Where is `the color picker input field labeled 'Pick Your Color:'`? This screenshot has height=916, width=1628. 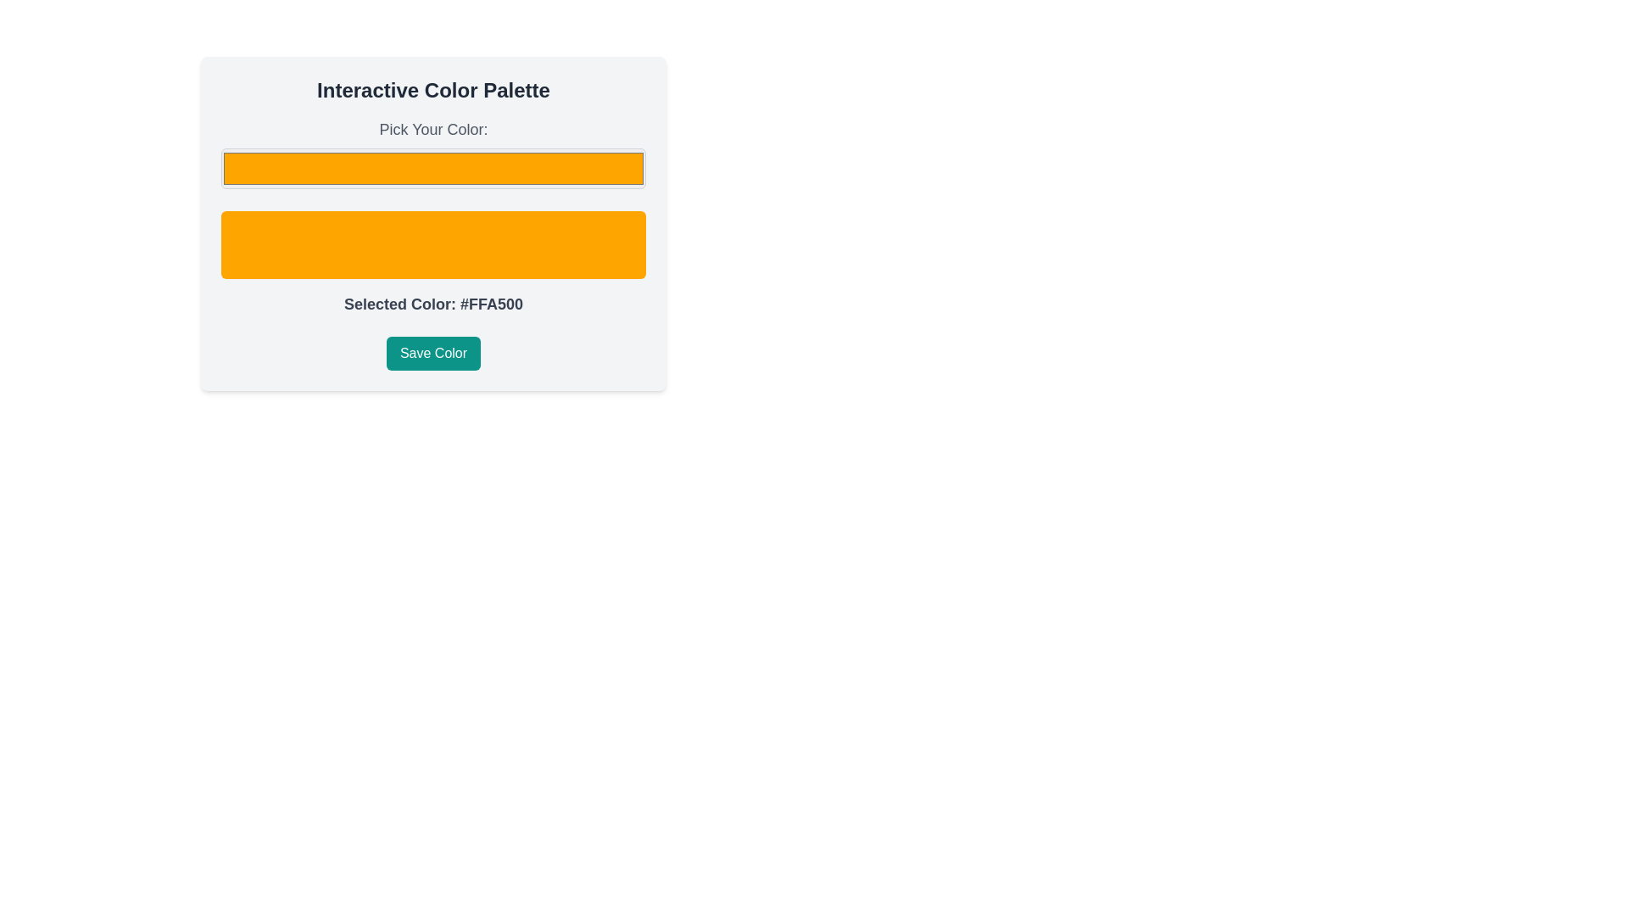 the color picker input field labeled 'Pick Your Color:' is located at coordinates (433, 154).